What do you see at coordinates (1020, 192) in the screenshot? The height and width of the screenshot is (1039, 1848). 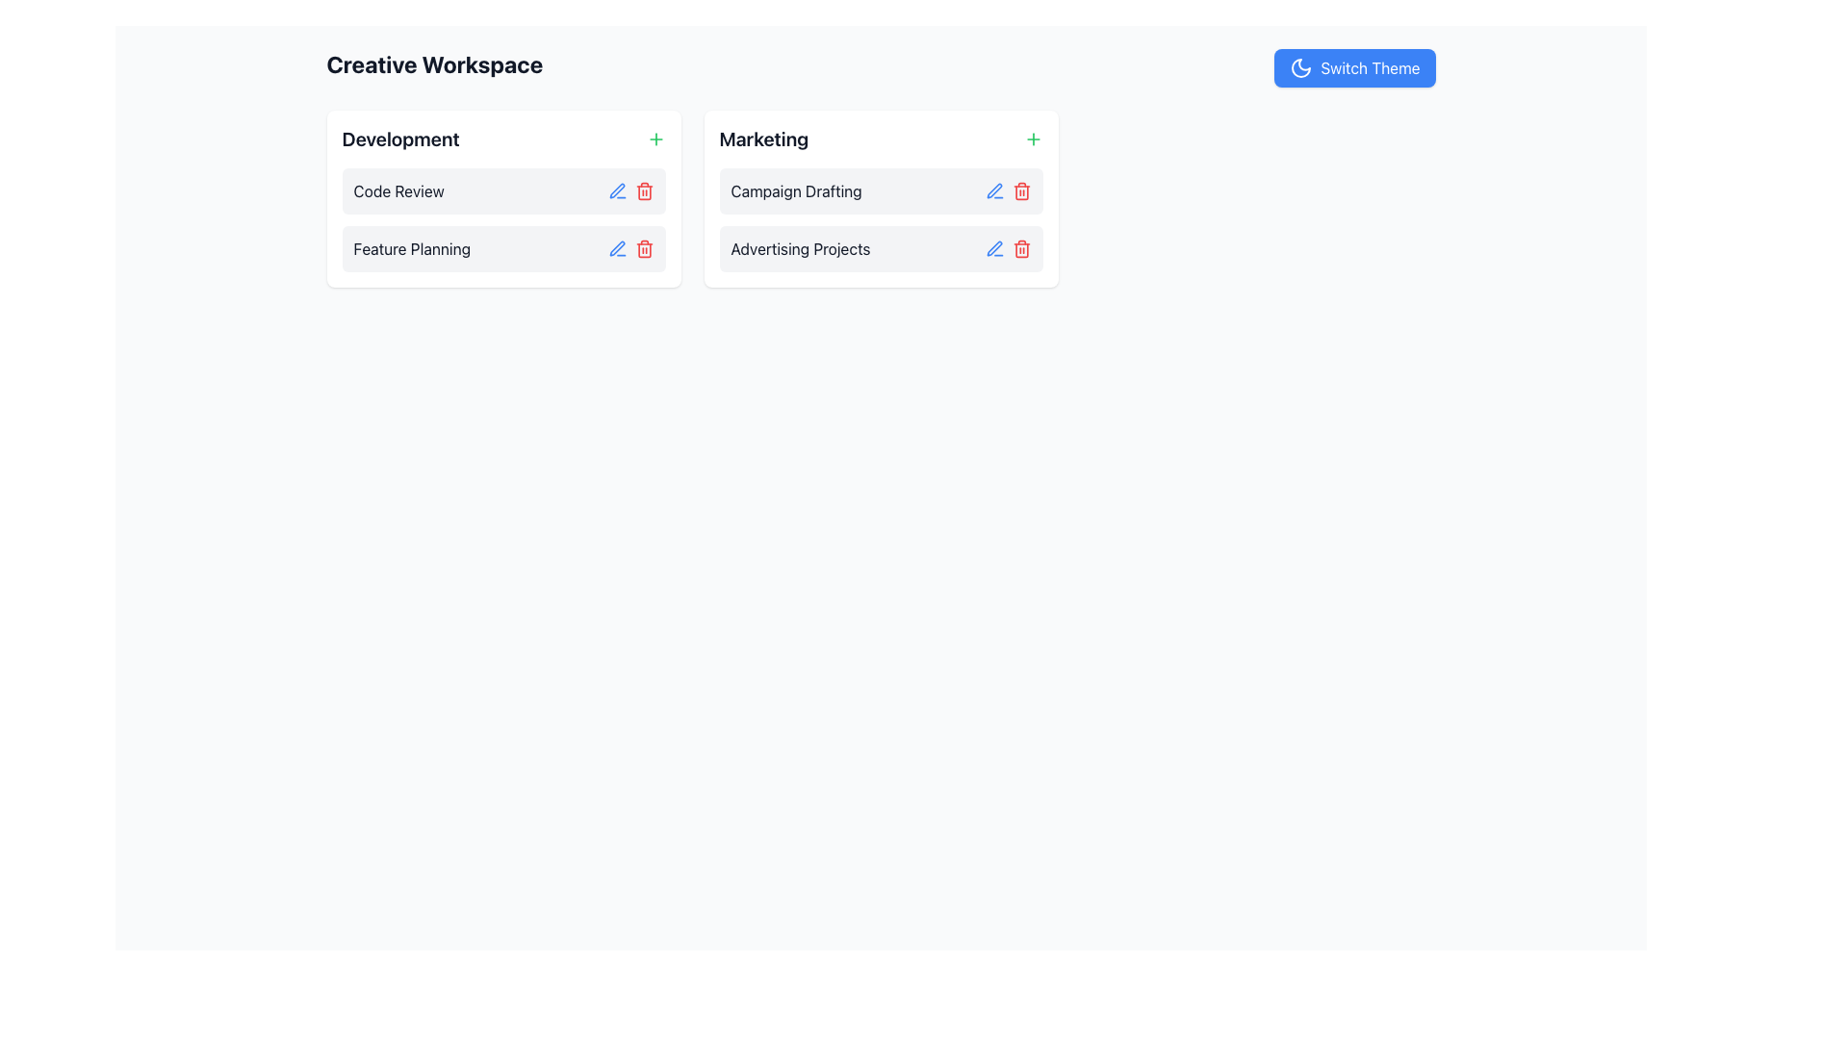 I see `the trash bin icon located in the top-right corner of the 'Marketing' card, which represents a delete action` at bounding box center [1020, 192].